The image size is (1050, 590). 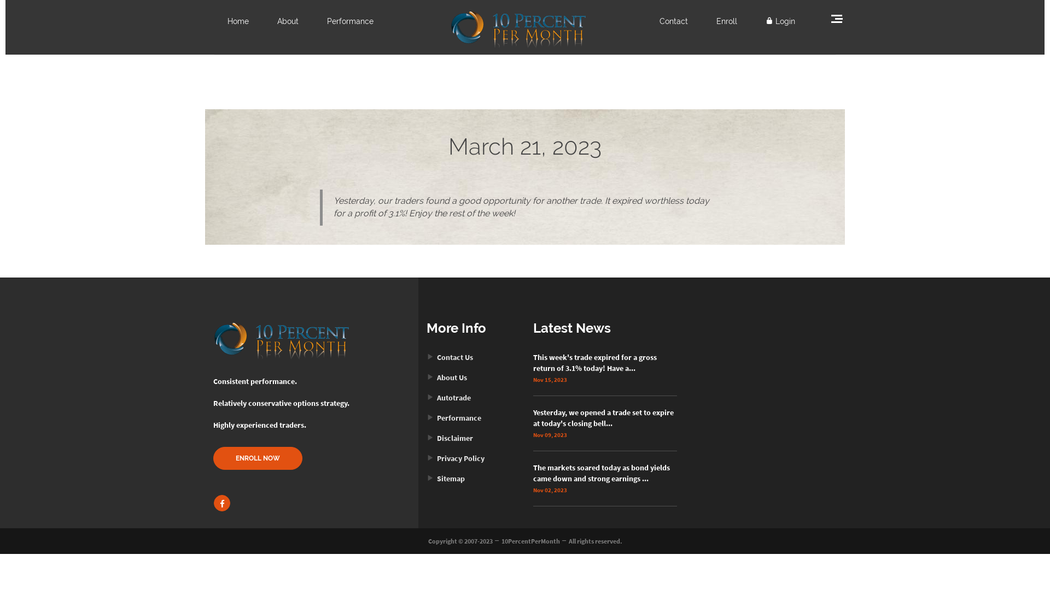 What do you see at coordinates (779, 21) in the screenshot?
I see `'Login'` at bounding box center [779, 21].